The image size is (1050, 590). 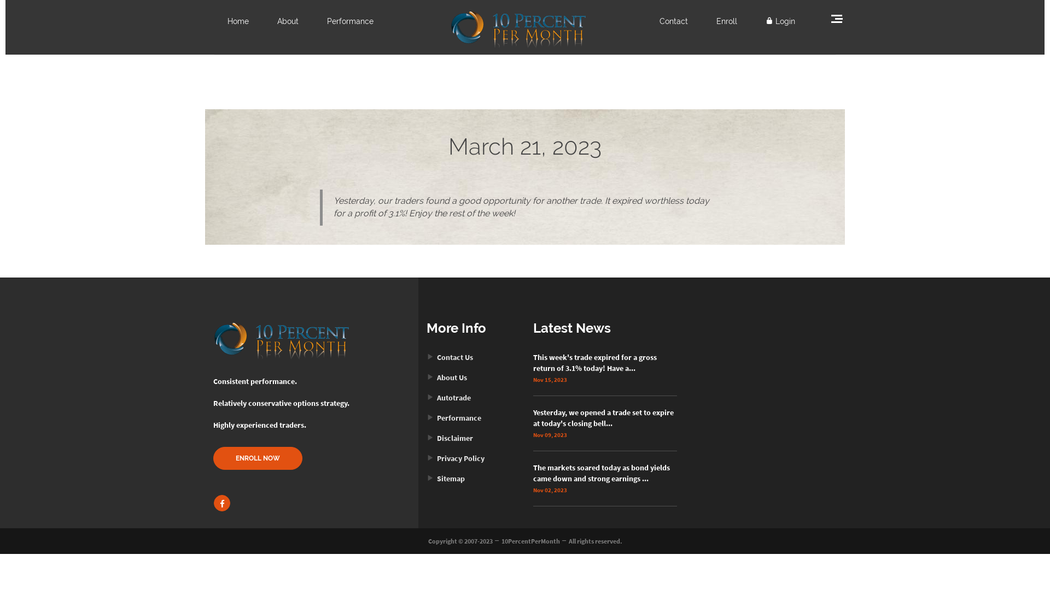 What do you see at coordinates (779, 21) in the screenshot?
I see `'Login'` at bounding box center [779, 21].